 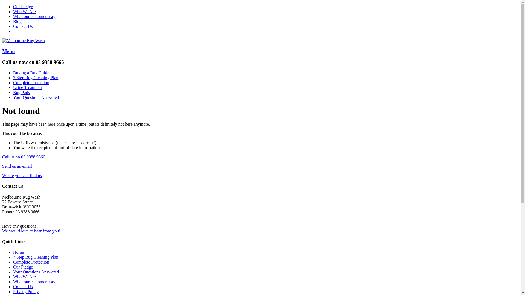 What do you see at coordinates (24, 11) in the screenshot?
I see `'Who We Are'` at bounding box center [24, 11].